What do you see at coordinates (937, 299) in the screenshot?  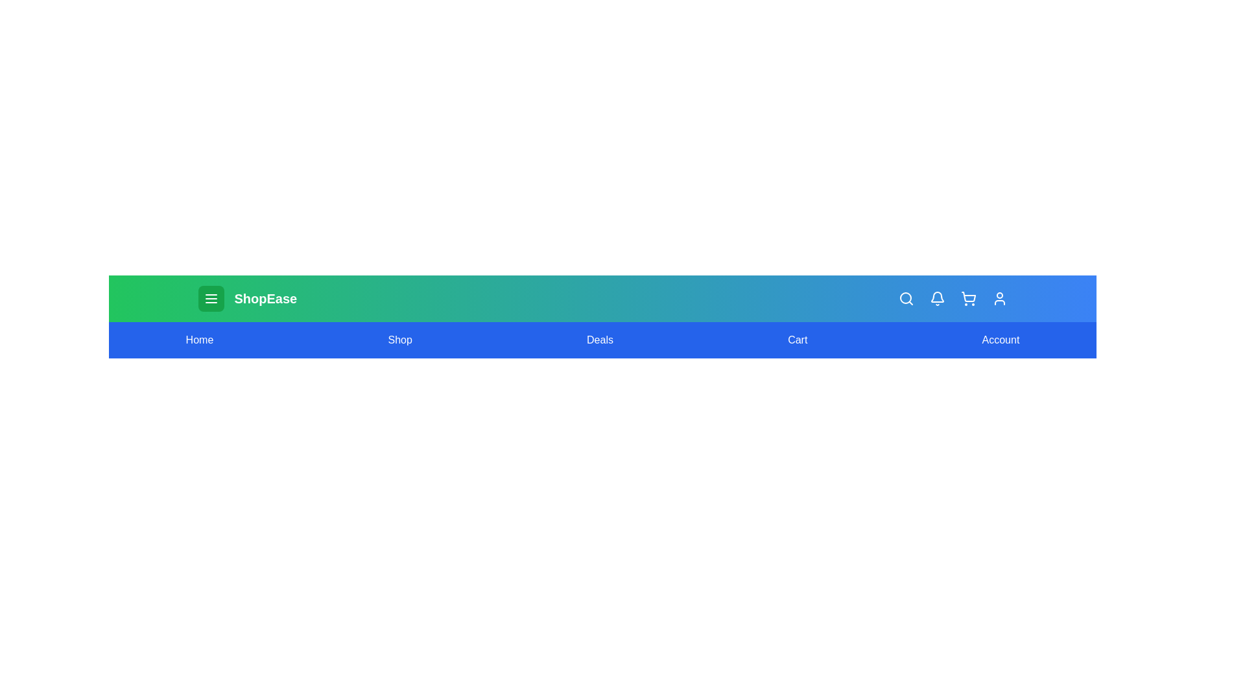 I see `the notifications icon to perform its respective action` at bounding box center [937, 299].